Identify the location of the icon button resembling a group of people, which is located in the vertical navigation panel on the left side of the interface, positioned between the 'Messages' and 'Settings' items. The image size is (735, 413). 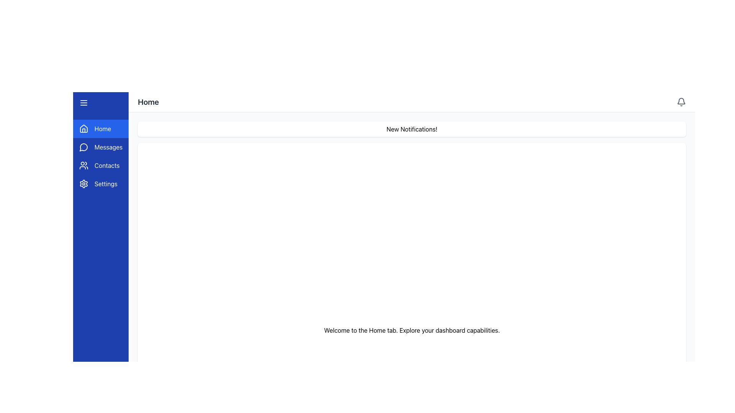
(84, 165).